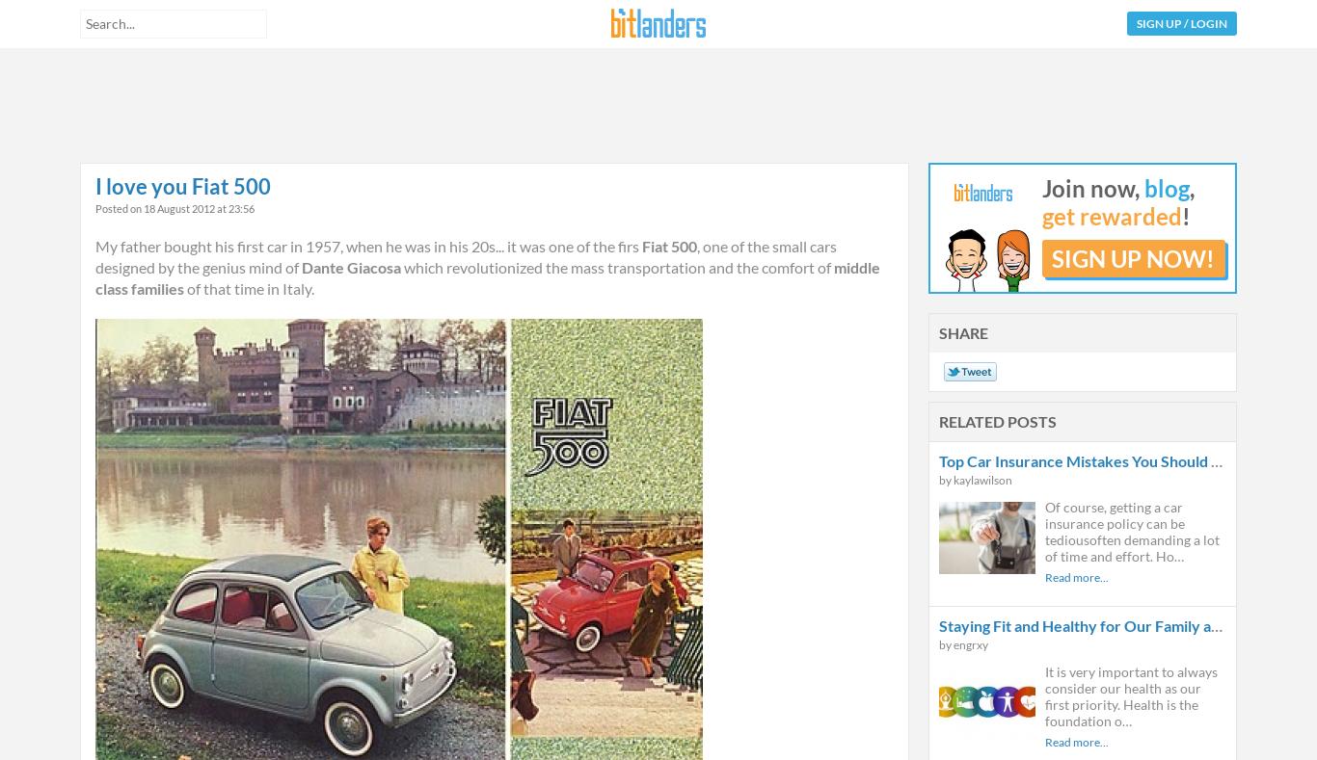  What do you see at coordinates (1093, 459) in the screenshot?
I see `'Top Car Insurance Mistakes You Should Avoid'` at bounding box center [1093, 459].